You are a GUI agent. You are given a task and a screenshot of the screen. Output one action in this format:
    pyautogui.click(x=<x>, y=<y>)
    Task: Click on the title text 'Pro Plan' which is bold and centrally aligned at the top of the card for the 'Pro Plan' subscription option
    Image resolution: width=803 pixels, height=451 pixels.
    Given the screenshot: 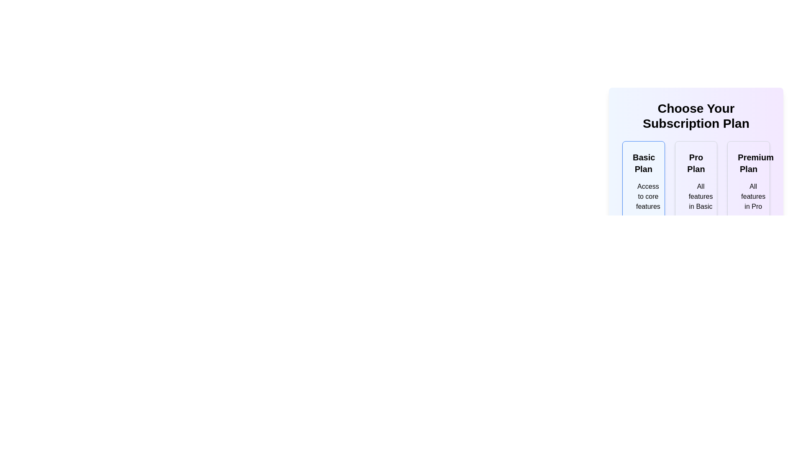 What is the action you would take?
    pyautogui.click(x=696, y=163)
    